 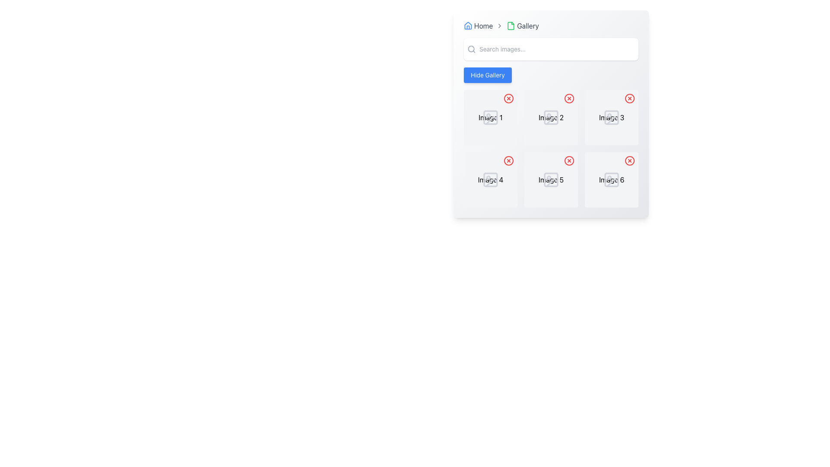 I want to click on the Circular SVG graphic located at the top-left corner of the first item in the gallery, which serves as part of the gallery's control overlay, so click(x=508, y=98).